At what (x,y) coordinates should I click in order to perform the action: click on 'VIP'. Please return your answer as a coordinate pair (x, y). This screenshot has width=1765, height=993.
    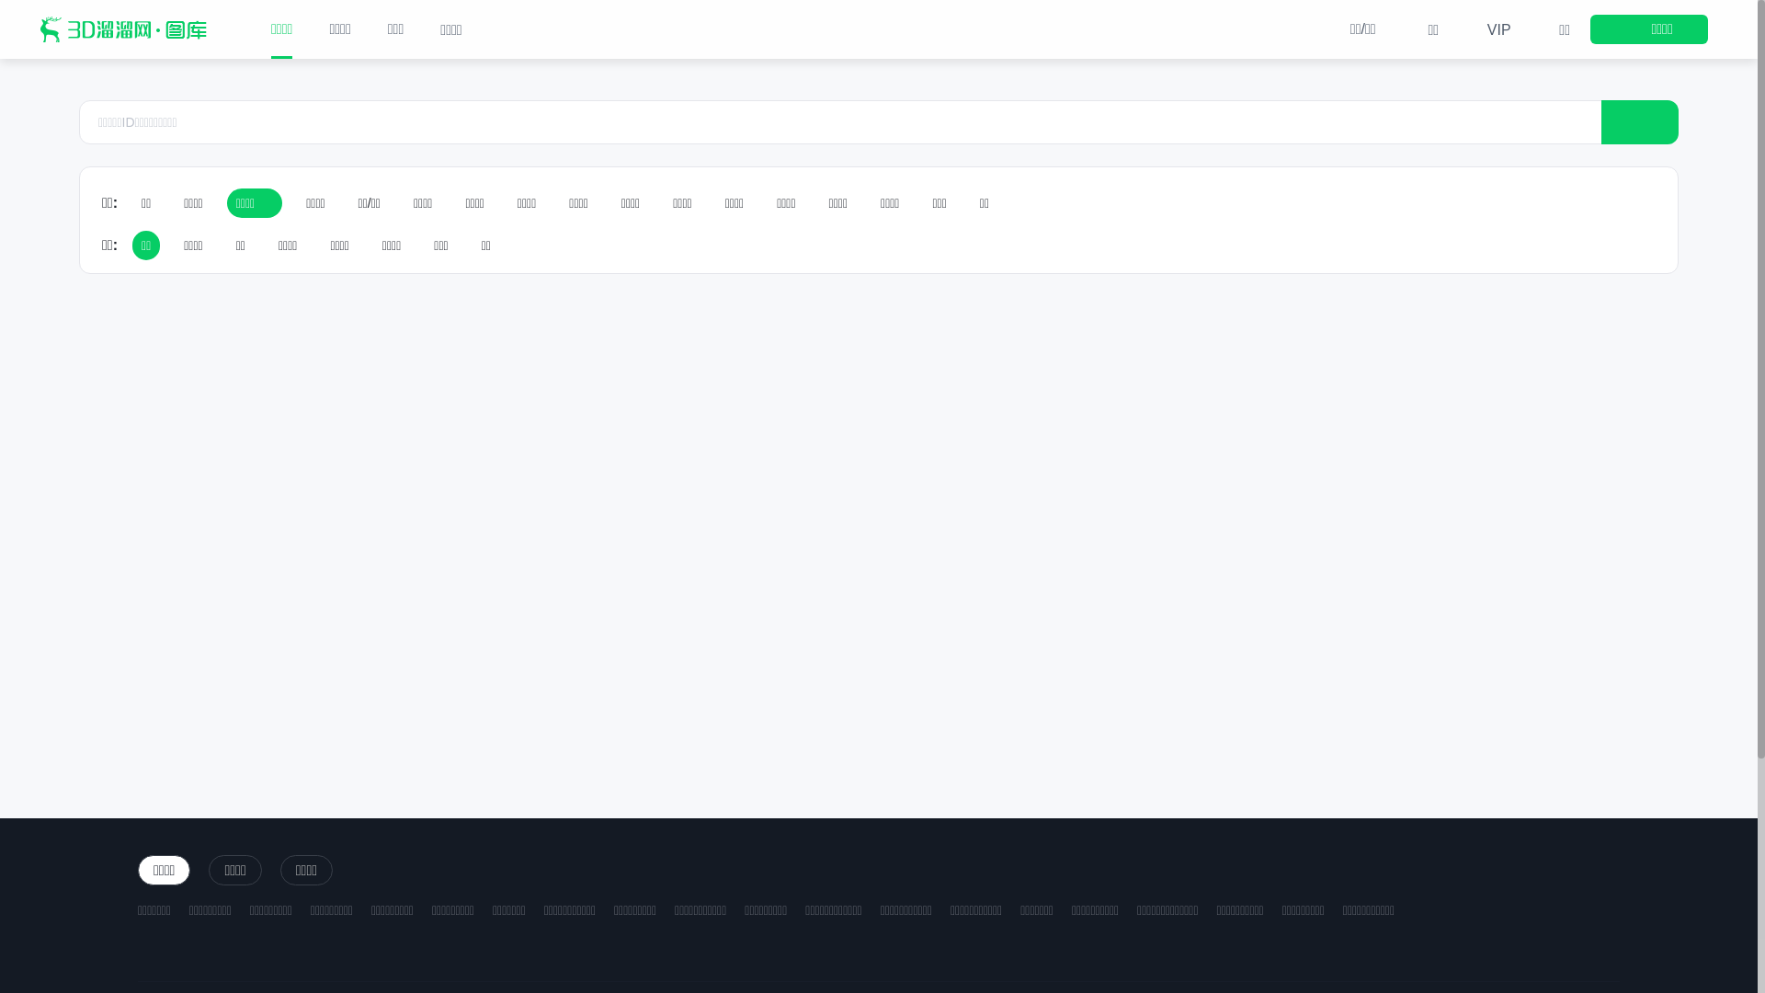
    Looking at the image, I should click on (1484, 29).